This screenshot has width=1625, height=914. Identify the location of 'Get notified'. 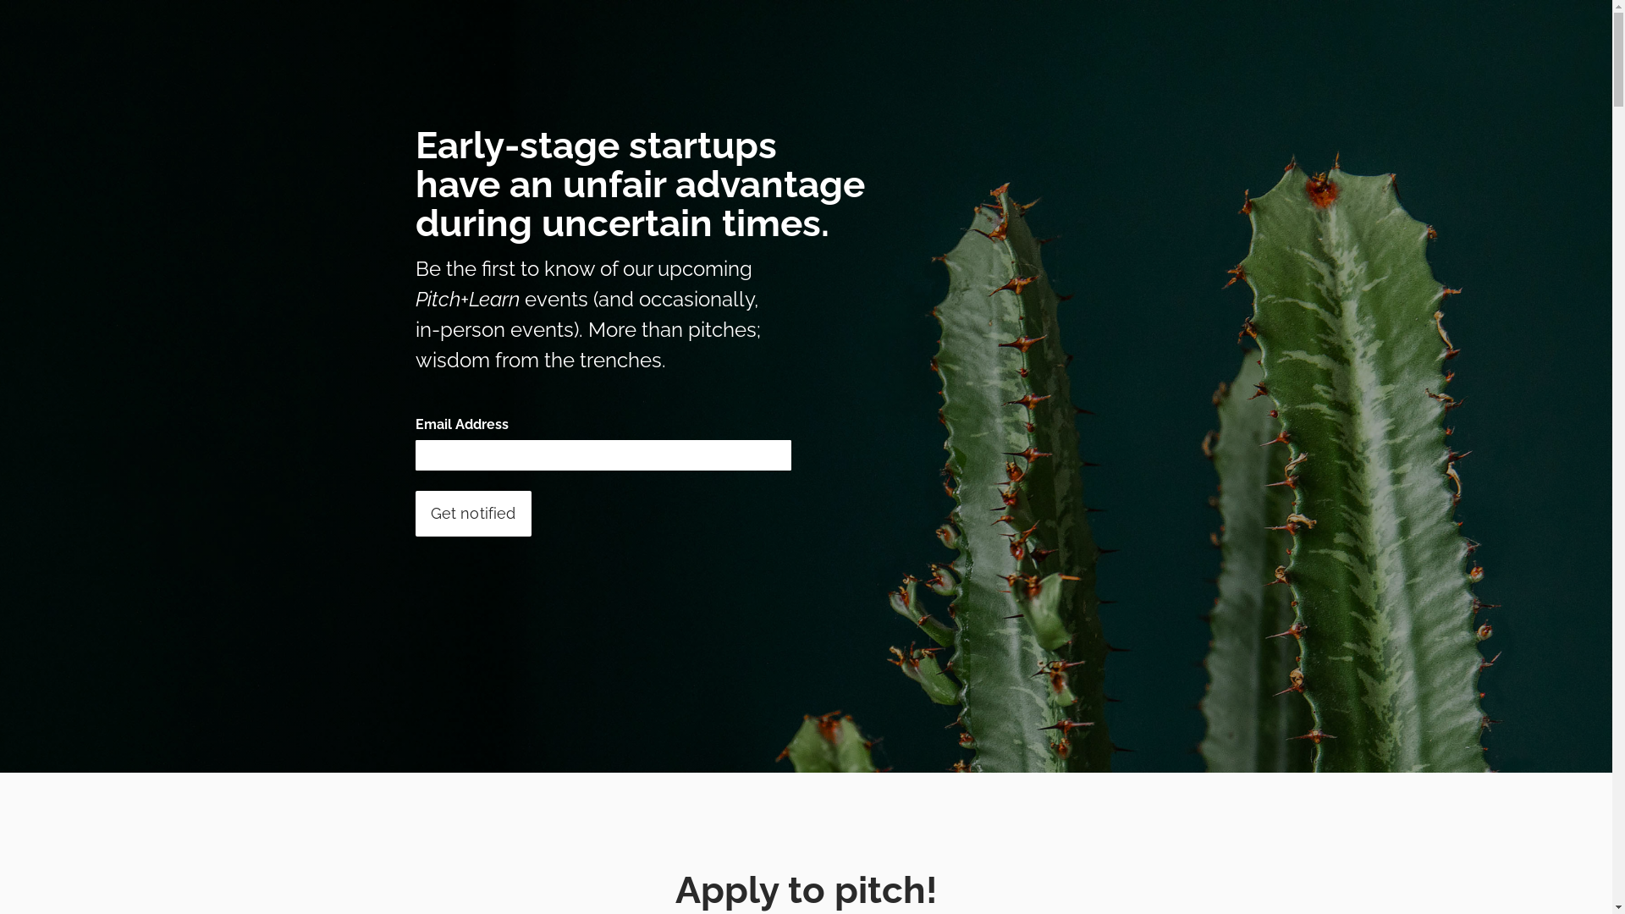
(414, 512).